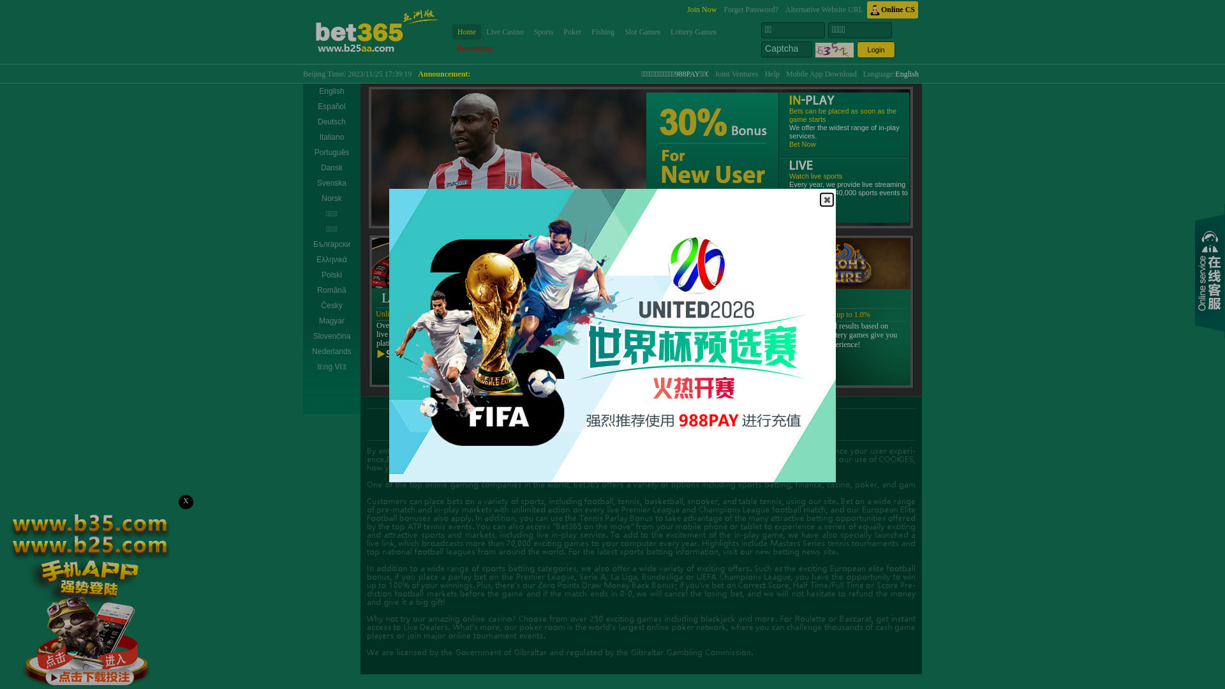 This screenshot has width=1225, height=689. What do you see at coordinates (619, 31) in the screenshot?
I see `'Slot Games'` at bounding box center [619, 31].